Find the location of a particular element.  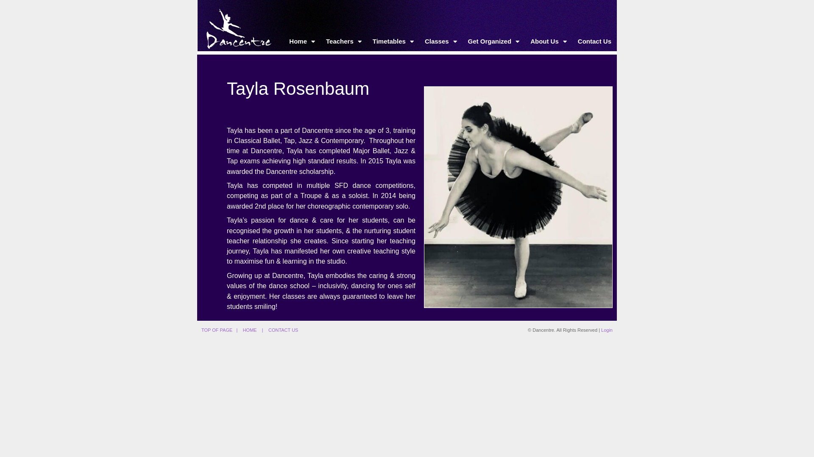

'Contact Us' is located at coordinates (594, 41).